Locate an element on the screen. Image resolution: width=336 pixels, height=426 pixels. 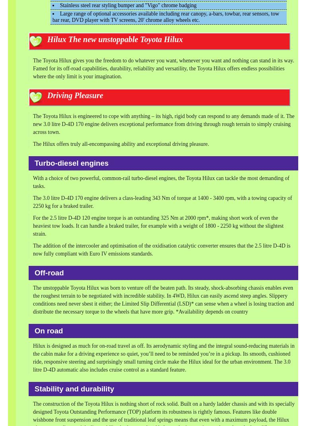
'Turbo-diesel engines' is located at coordinates (71, 163).